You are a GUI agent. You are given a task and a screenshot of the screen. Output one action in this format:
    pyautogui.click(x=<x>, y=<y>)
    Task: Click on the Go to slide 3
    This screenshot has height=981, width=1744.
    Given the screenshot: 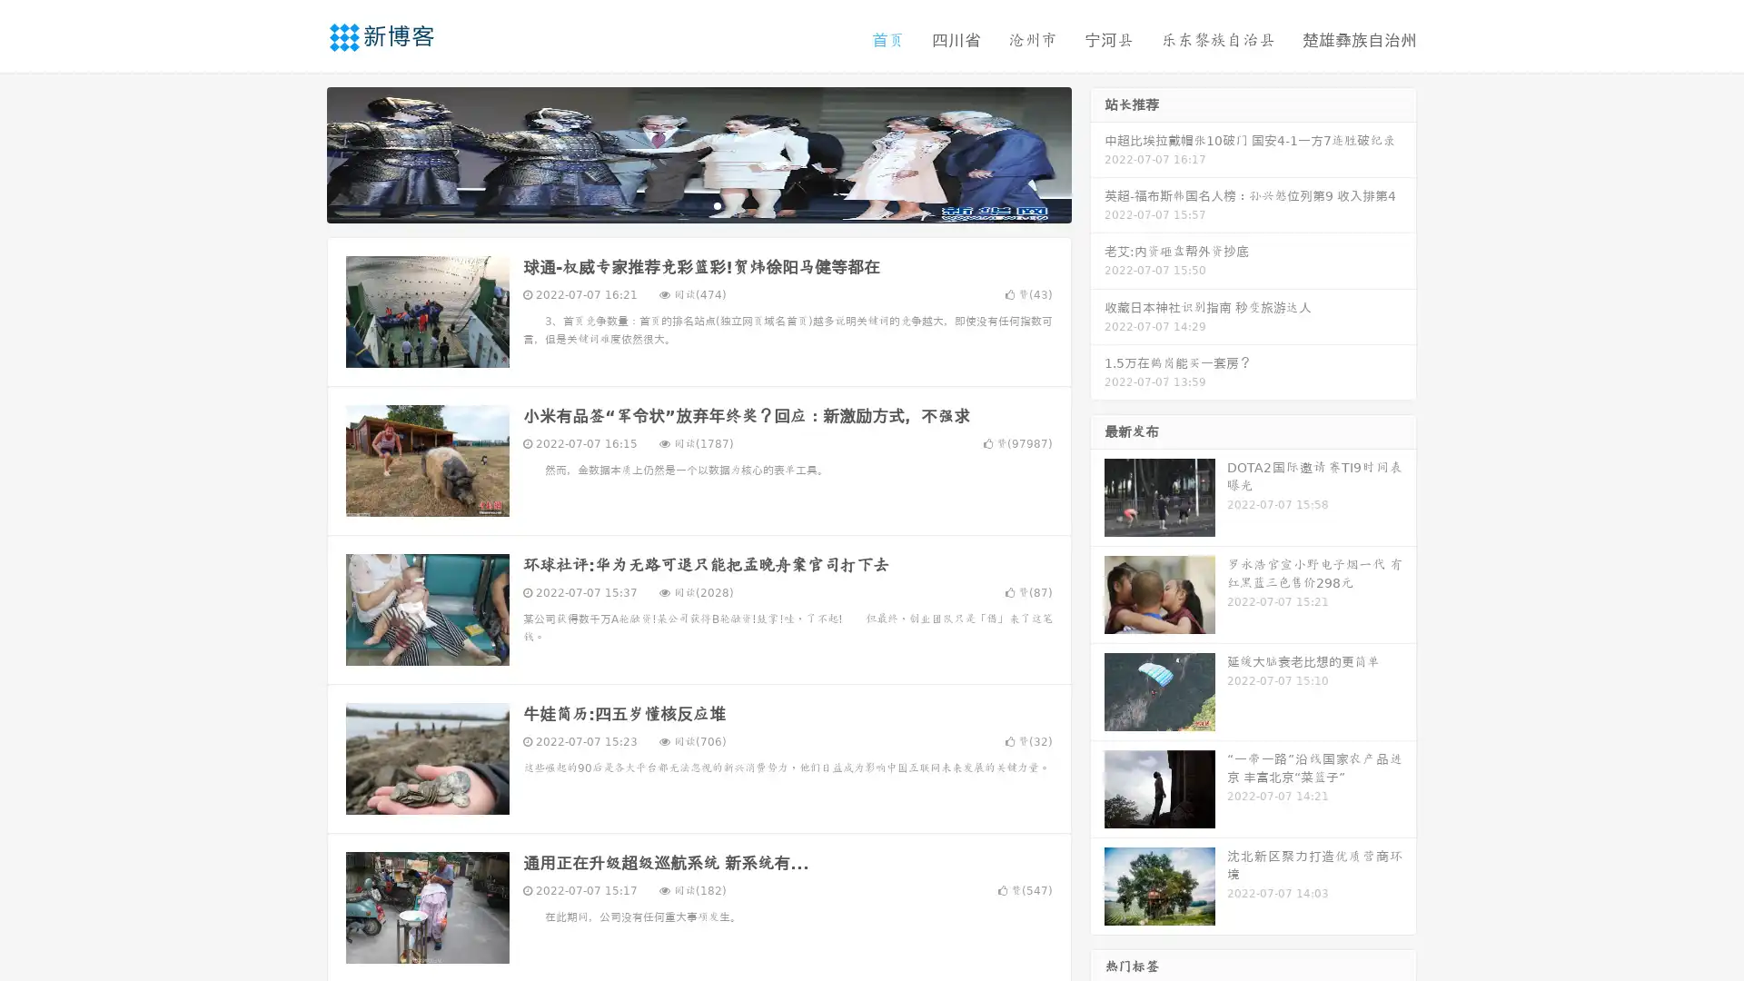 What is the action you would take?
    pyautogui.click(x=717, y=204)
    